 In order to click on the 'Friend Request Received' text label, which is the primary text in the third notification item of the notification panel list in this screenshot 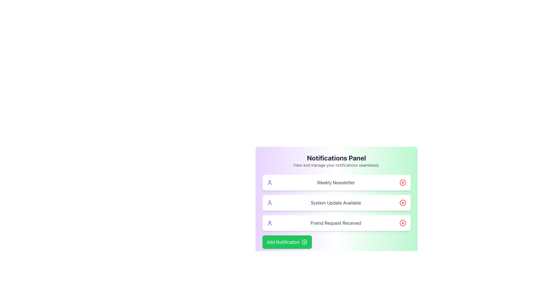, I will do `click(336, 222)`.